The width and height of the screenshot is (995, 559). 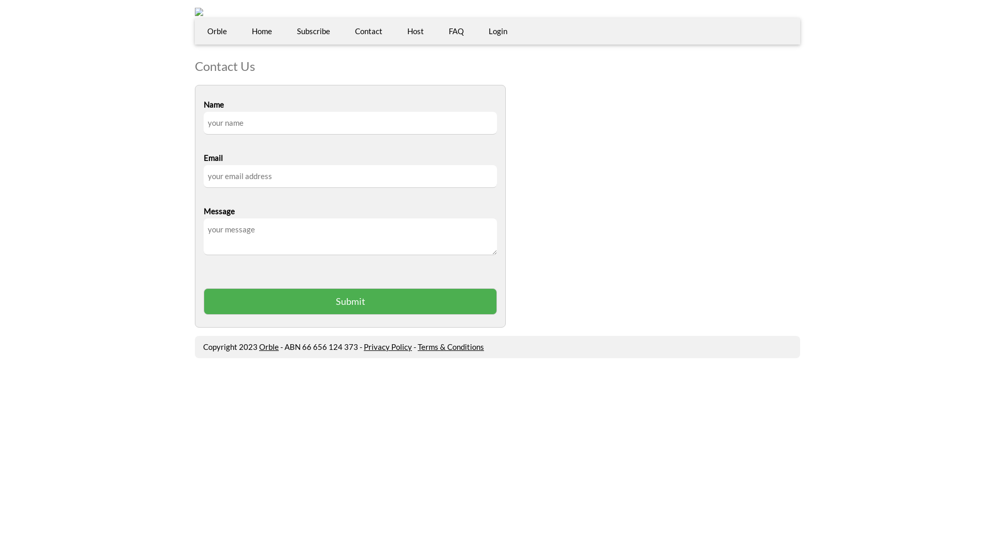 What do you see at coordinates (268, 347) in the screenshot?
I see `'Orble'` at bounding box center [268, 347].